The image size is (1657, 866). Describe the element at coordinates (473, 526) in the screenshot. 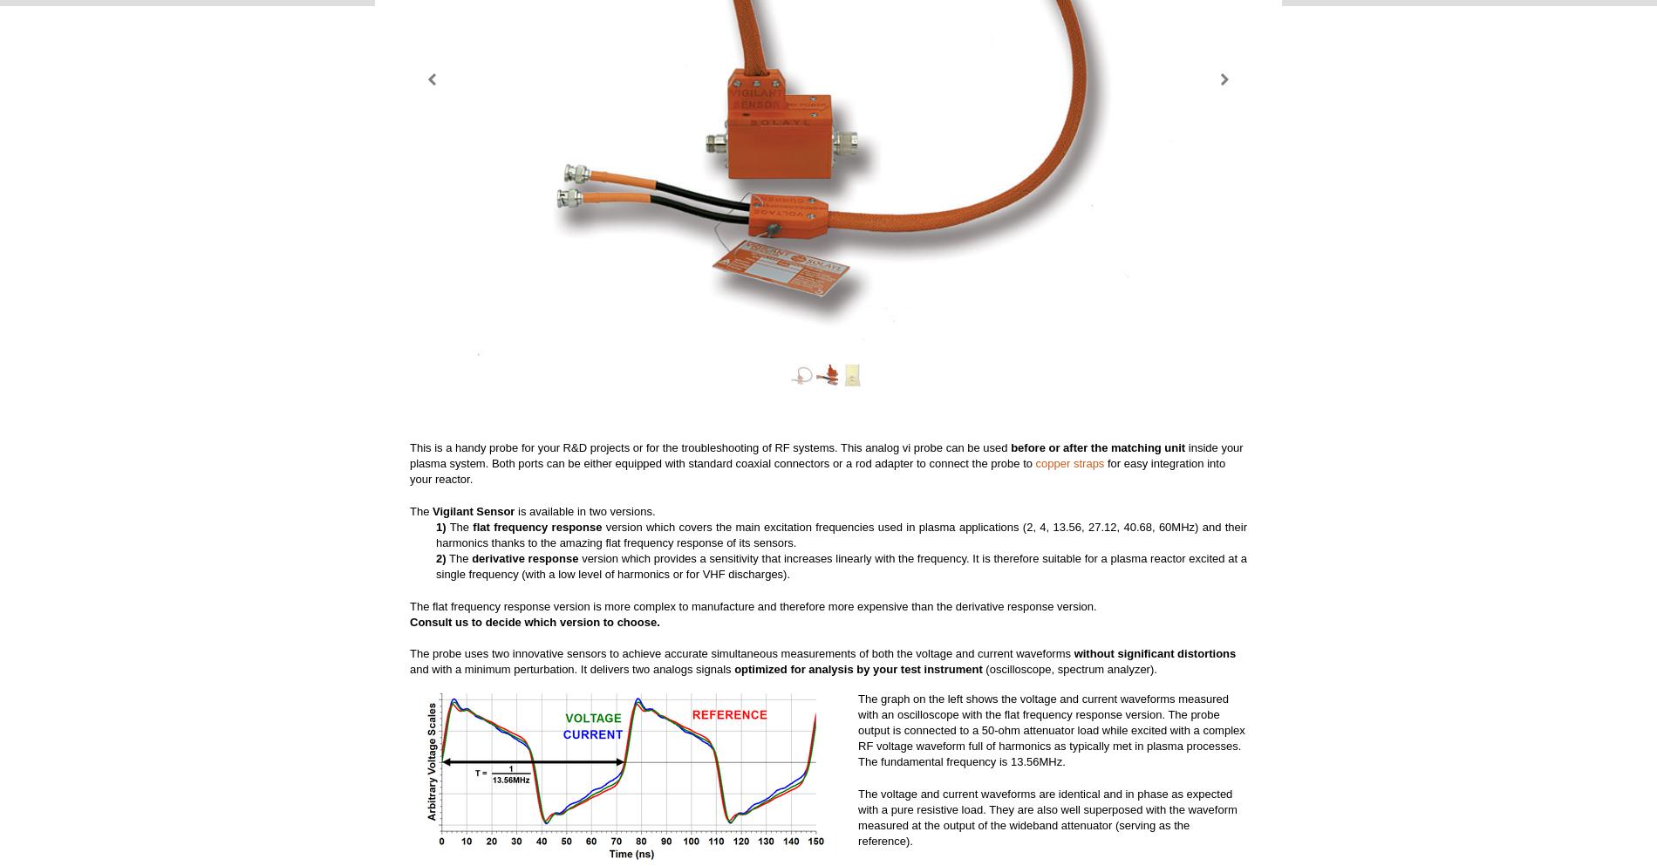

I see `'flat frequency response'` at that location.